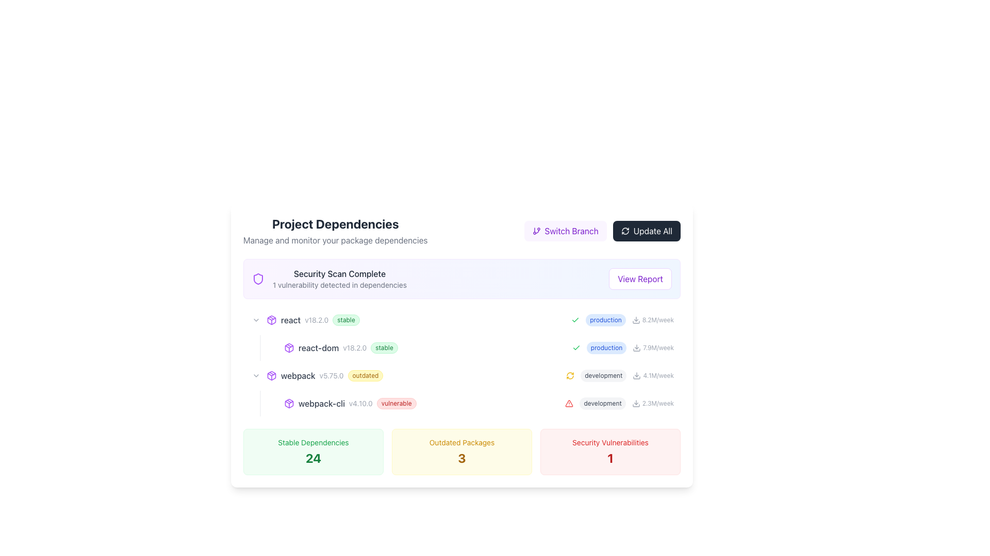  What do you see at coordinates (602, 230) in the screenshot?
I see `the 'Switch Branch' button, which is part of a horizontally aligned group of buttons in the 'Project Dependencies' section` at bounding box center [602, 230].